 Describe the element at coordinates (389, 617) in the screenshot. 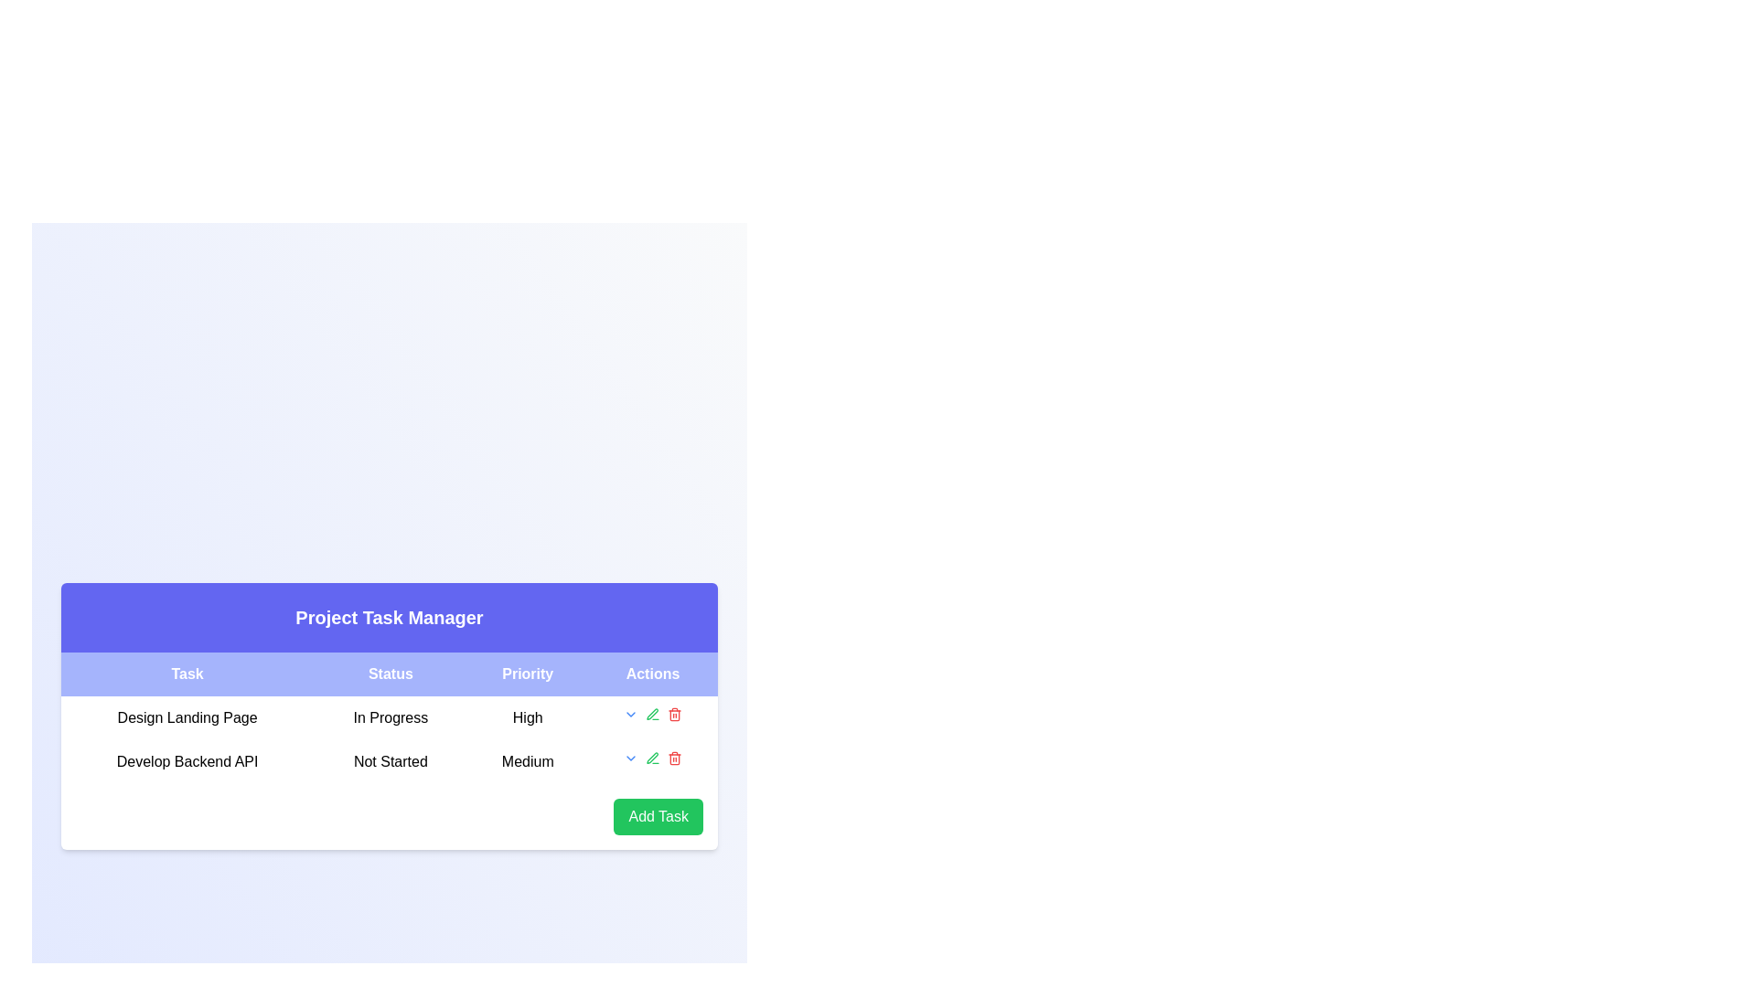

I see `the header text element 'Project Task Manager', which is styled in bold, large white font against an indigo background, located at the top of a card component` at that location.